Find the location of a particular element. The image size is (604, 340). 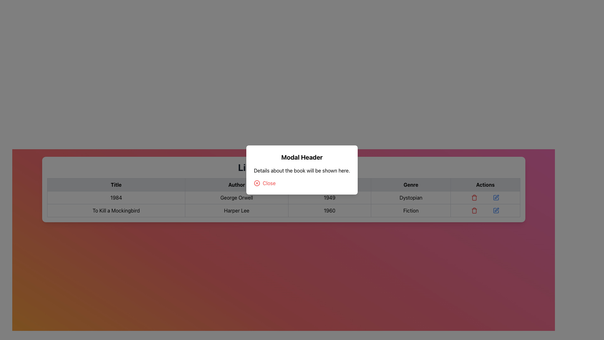

the Table Header Cell labeled 'Actions', which is styled with a gray background and is located at the rightmost position of the header row in the table is located at coordinates (485, 184).